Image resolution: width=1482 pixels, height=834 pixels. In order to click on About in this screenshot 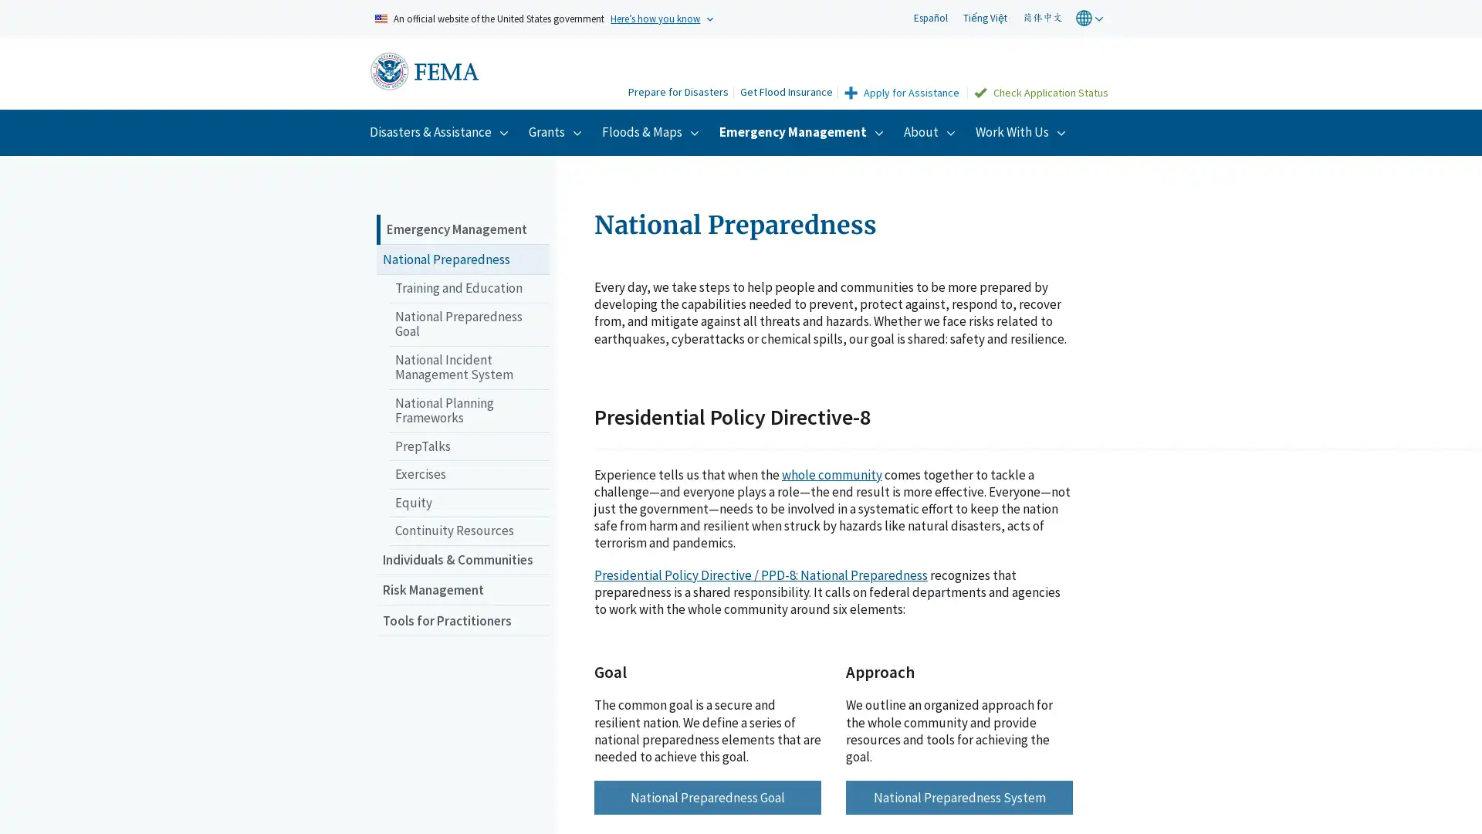, I will do `click(931, 131)`.